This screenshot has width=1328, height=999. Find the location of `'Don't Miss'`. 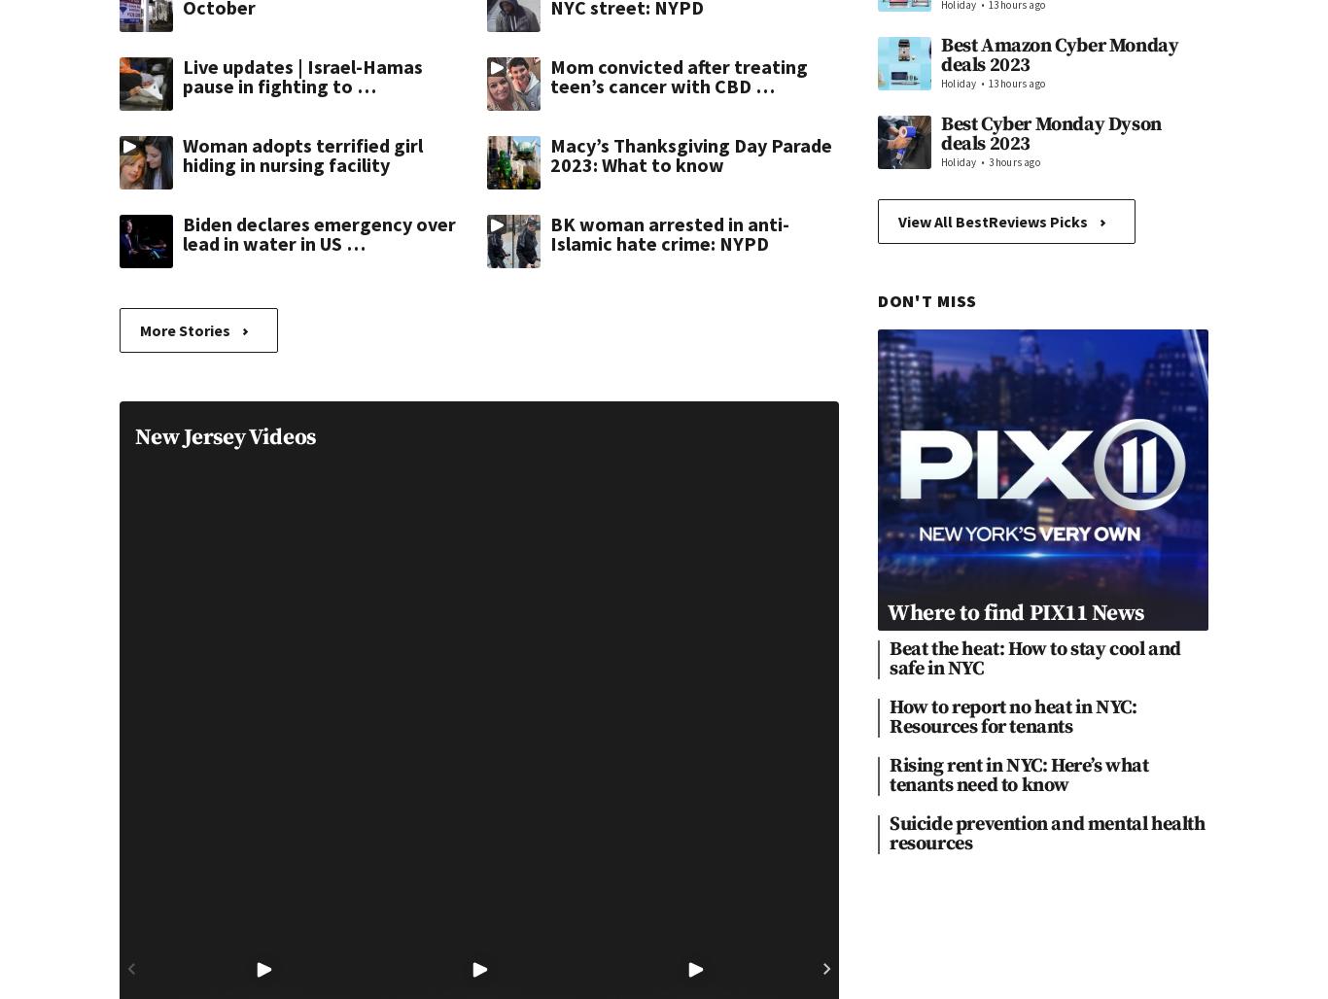

'Don't Miss' is located at coordinates (927, 299).